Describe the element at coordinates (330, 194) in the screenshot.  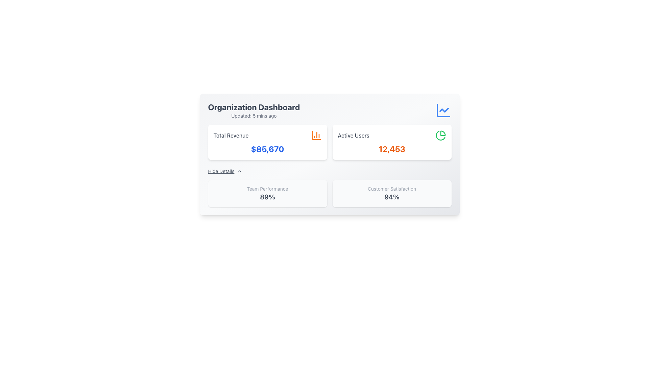
I see `displayed information from the Informational Panel located at the bottom of the main dashboard, which shows 'Team Performance' with '89%' on the left and 'Customer Satisfaction' with '94%' on the right` at that location.